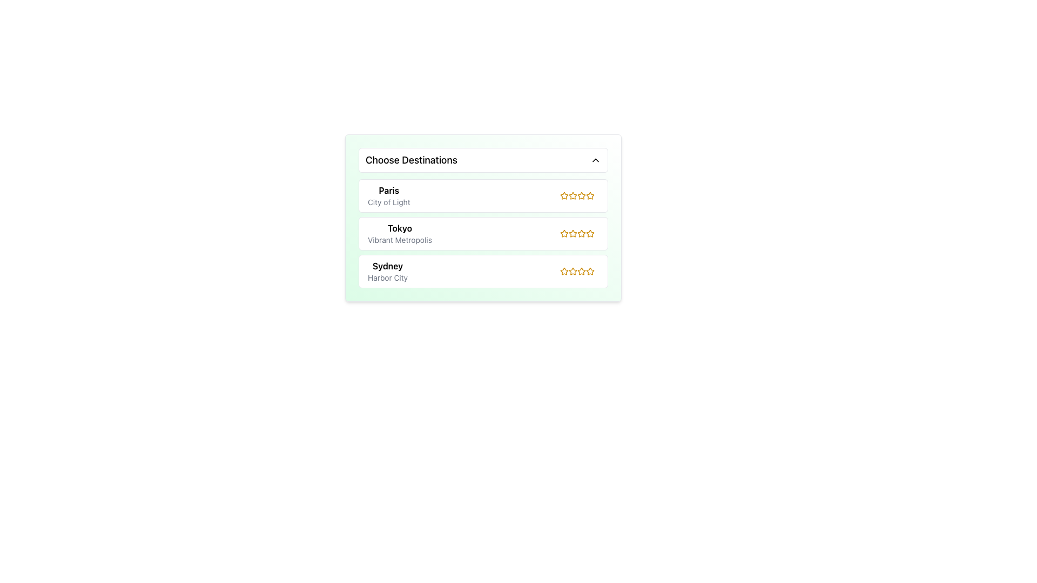 The height and width of the screenshot is (583, 1037). Describe the element at coordinates (389, 202) in the screenshot. I see `the static text element displaying 'City of Light', which is a smaller gray text styled with 'text-sm text-gray-500', located directly below the bold text 'Paris' in a vertical list of destinations` at that location.